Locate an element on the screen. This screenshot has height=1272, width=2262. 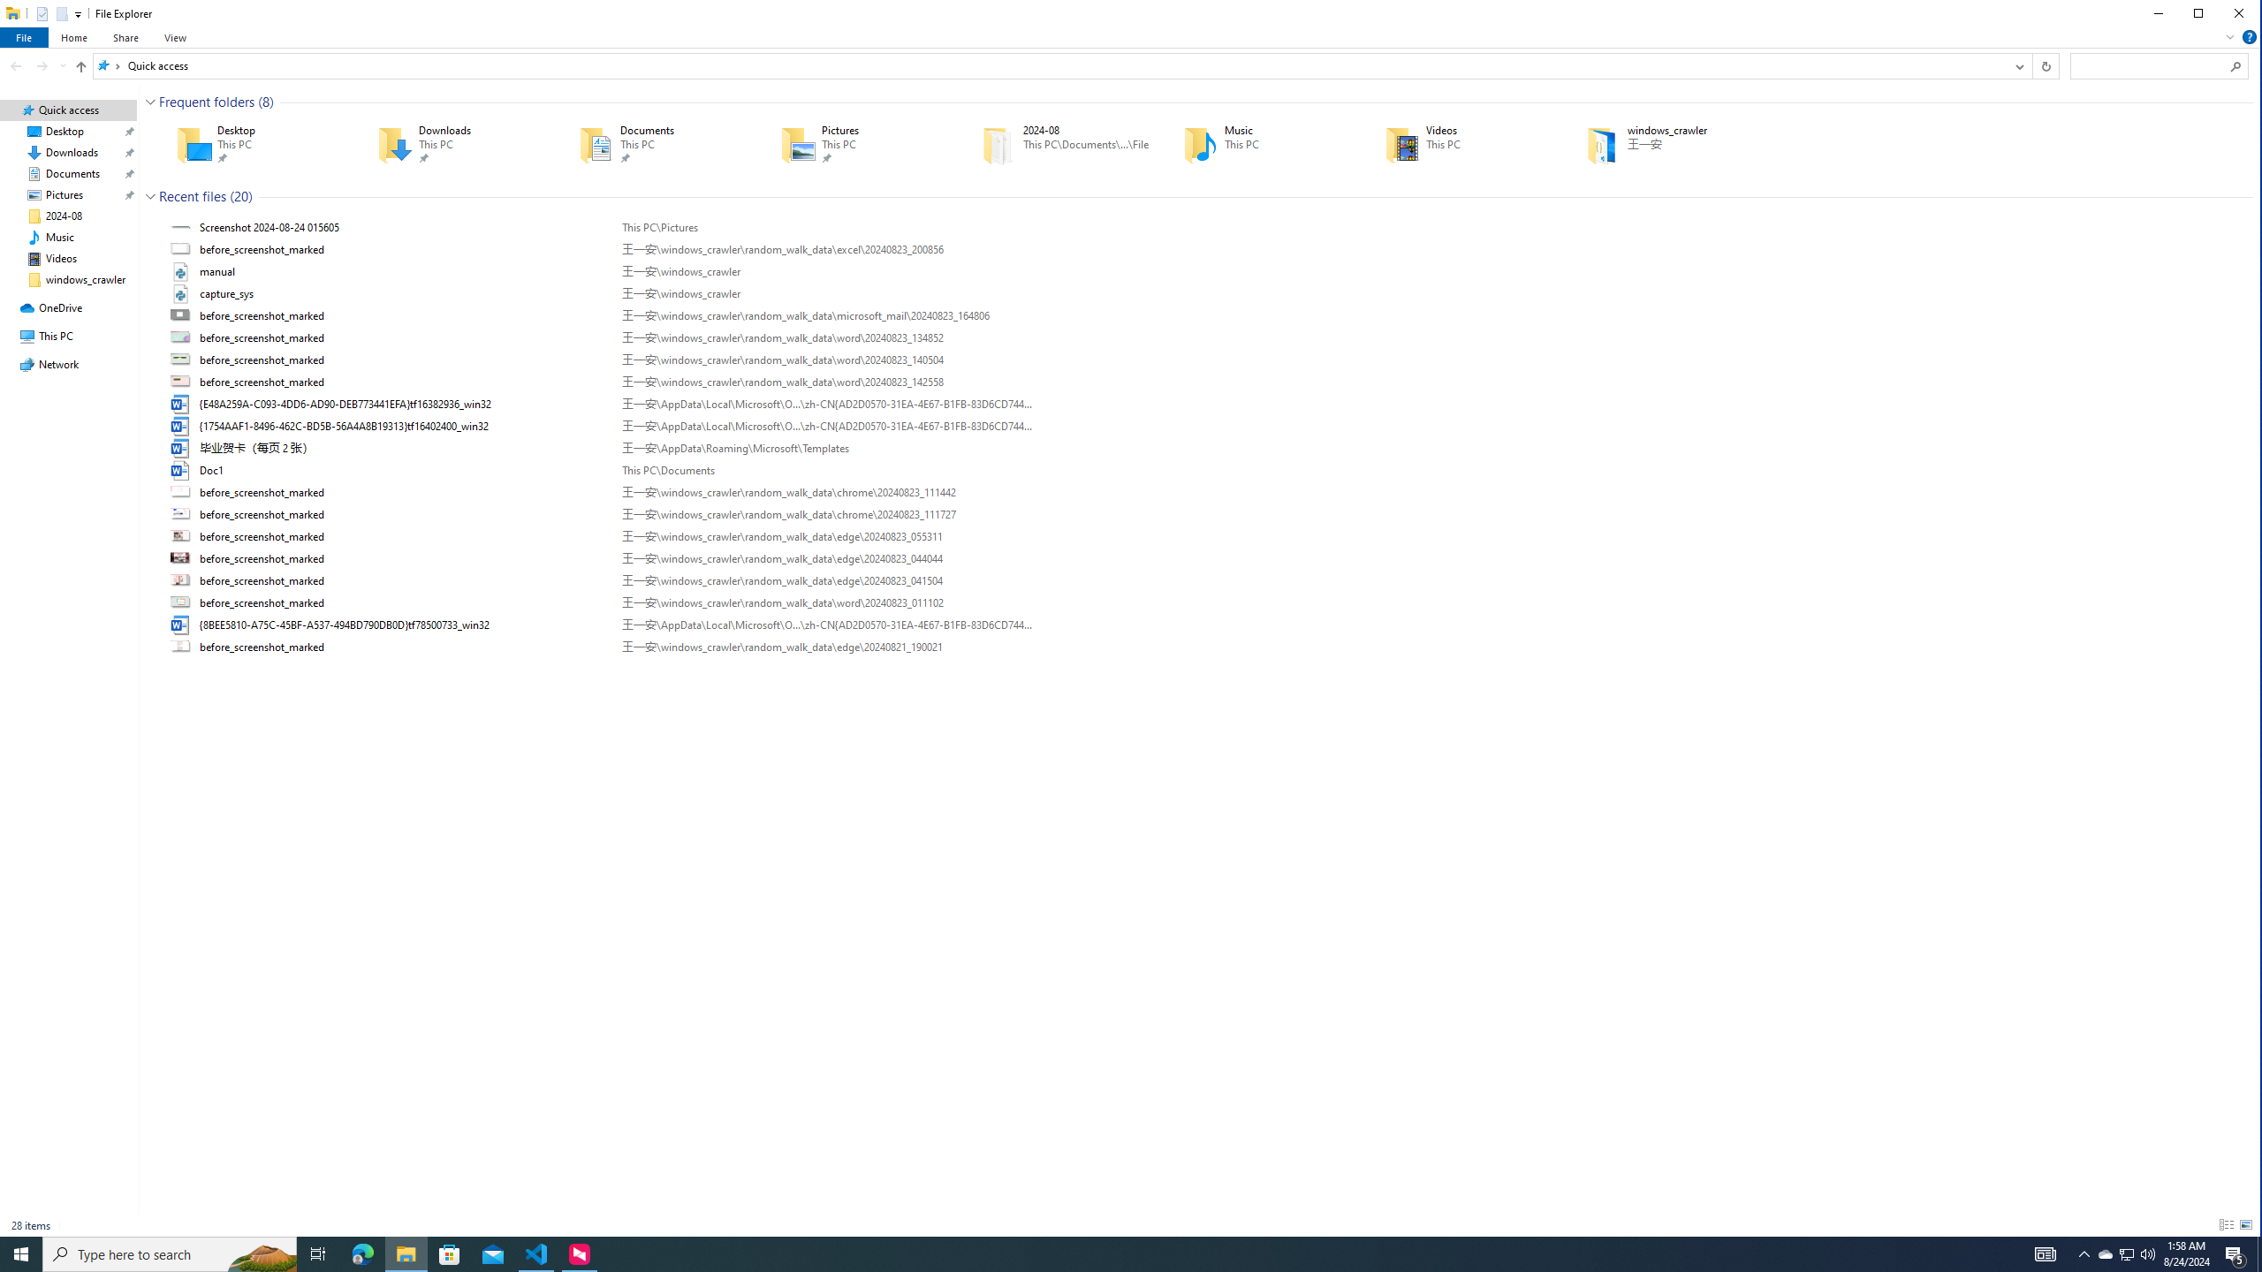
'Minimize' is located at coordinates (2157, 13).